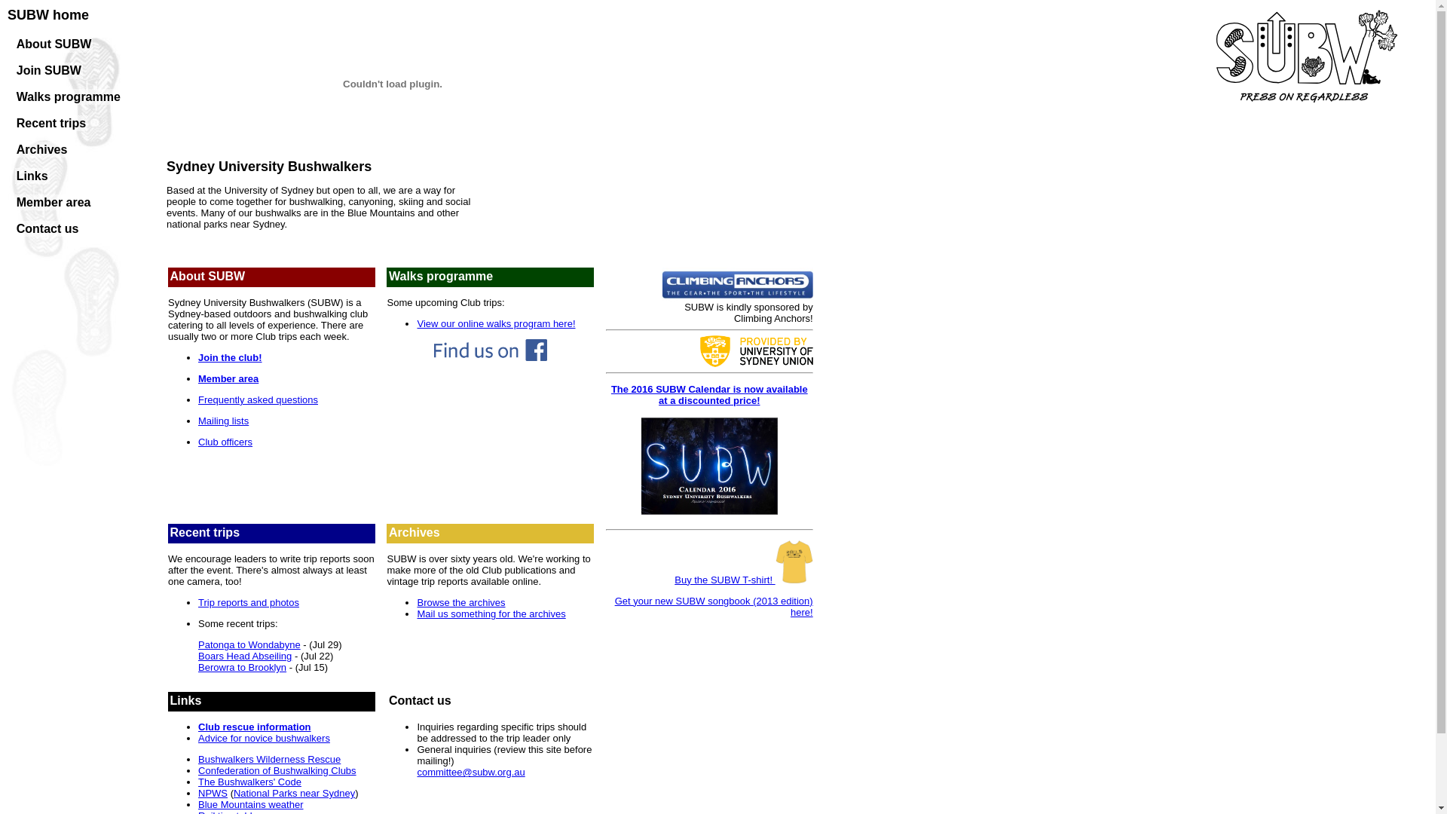 This screenshot has width=1447, height=814. I want to click on 'View our online walks program here!', so click(495, 323).